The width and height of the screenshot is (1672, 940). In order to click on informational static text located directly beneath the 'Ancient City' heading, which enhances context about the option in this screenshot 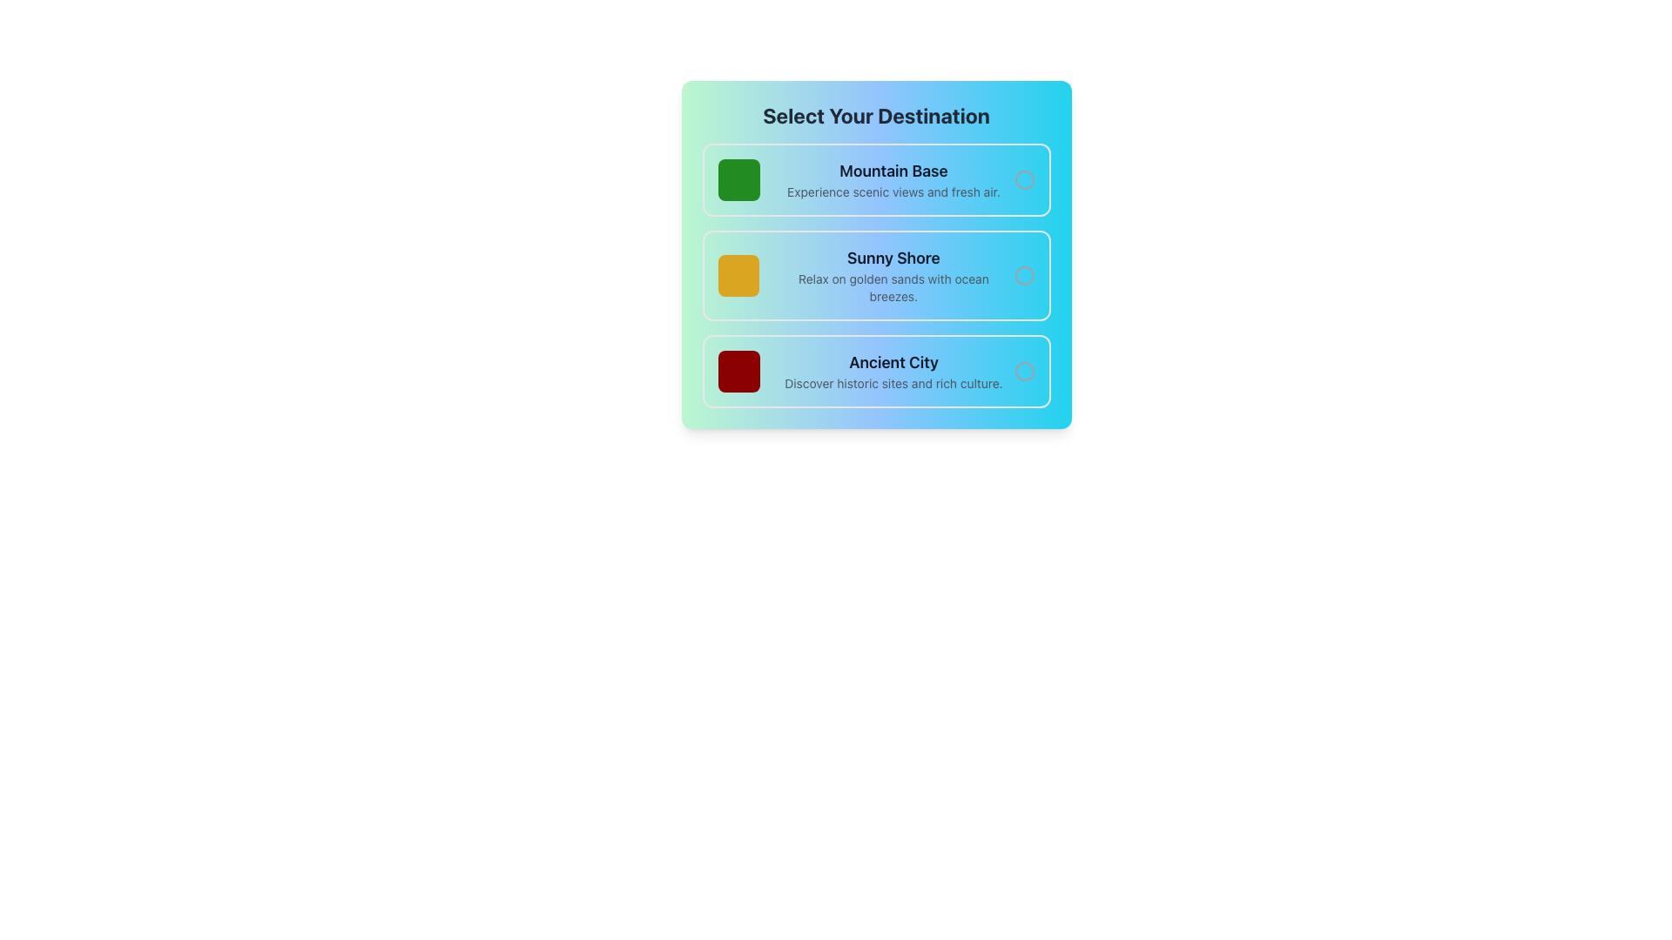, I will do `click(893, 382)`.